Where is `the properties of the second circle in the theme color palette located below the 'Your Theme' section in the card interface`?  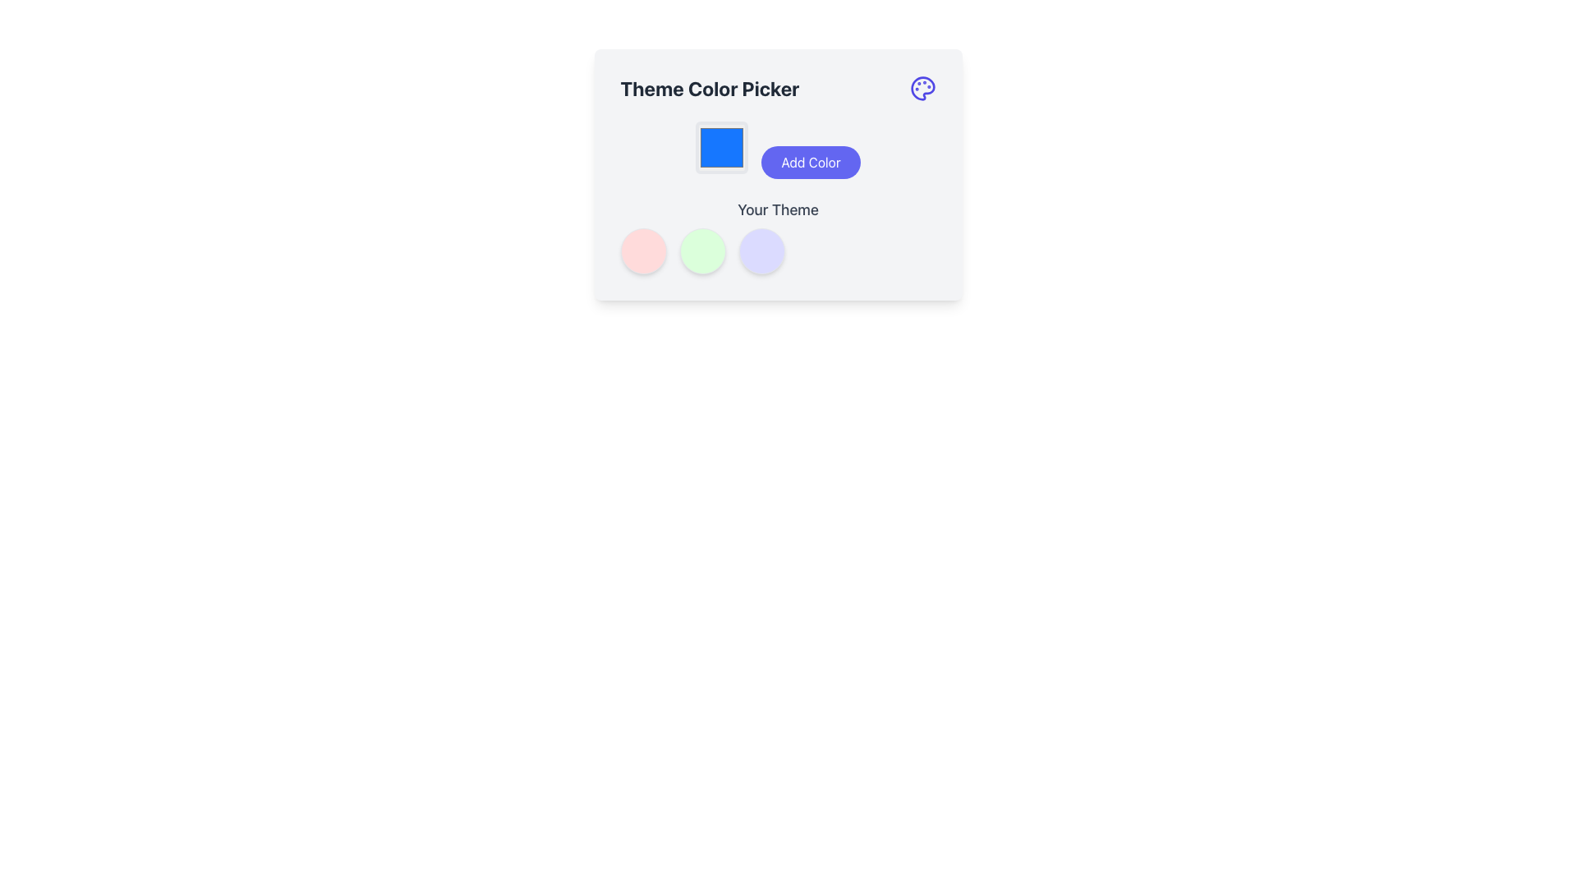 the properties of the second circle in the theme color palette located below the 'Your Theme' section in the card interface is located at coordinates (702, 250).